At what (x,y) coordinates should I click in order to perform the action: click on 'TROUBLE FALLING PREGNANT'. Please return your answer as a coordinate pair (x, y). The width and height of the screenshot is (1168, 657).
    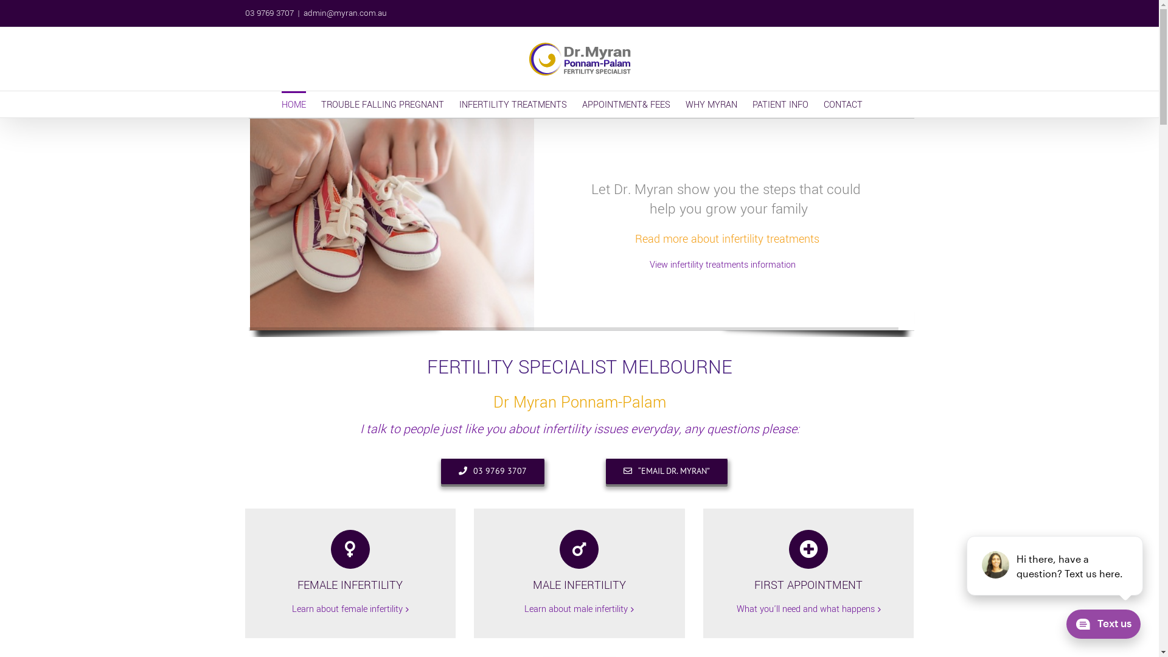
    Looking at the image, I should click on (381, 103).